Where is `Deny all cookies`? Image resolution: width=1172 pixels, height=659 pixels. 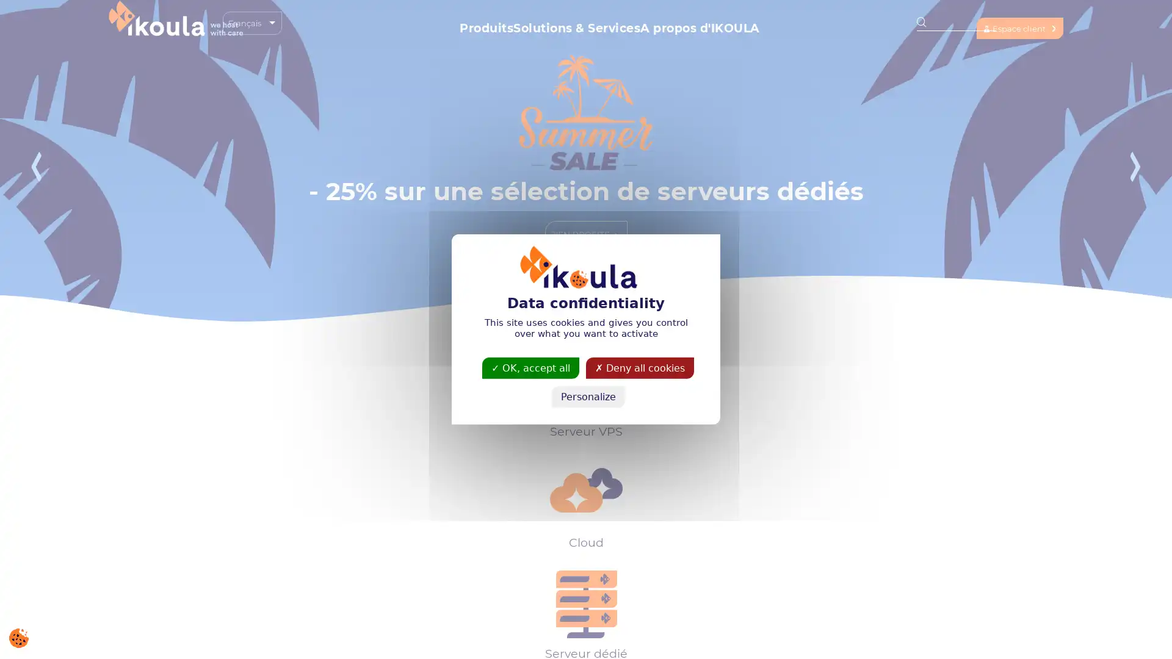 Deny all cookies is located at coordinates (639, 367).